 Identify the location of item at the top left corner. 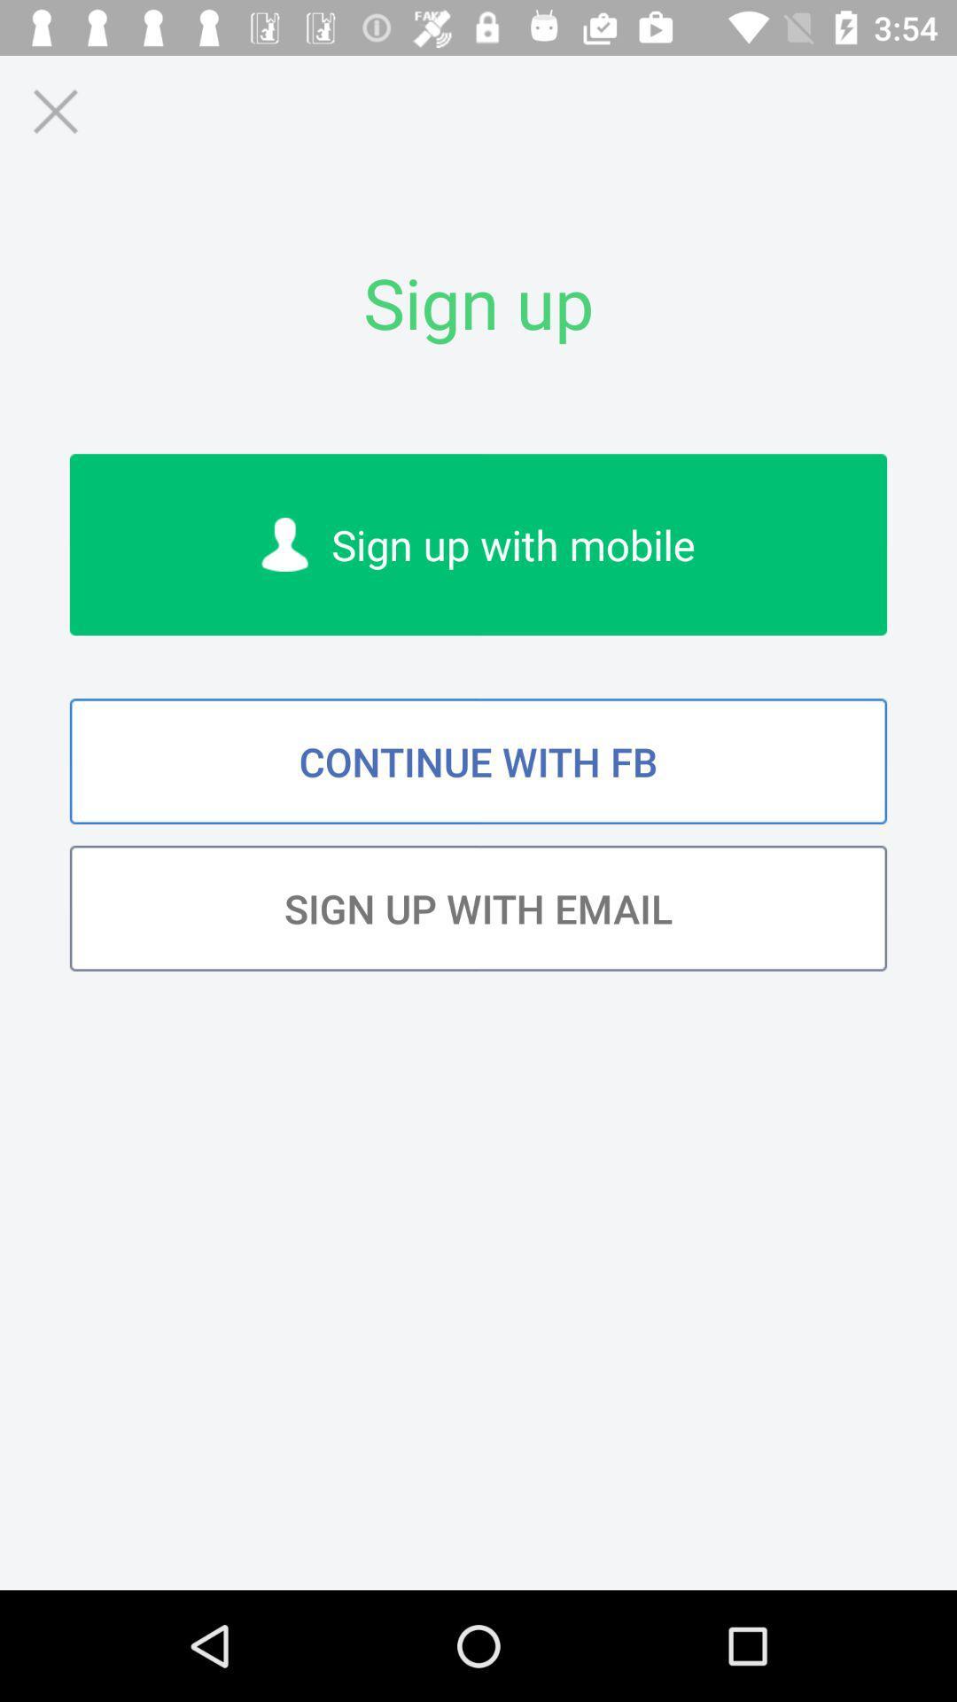
(54, 110).